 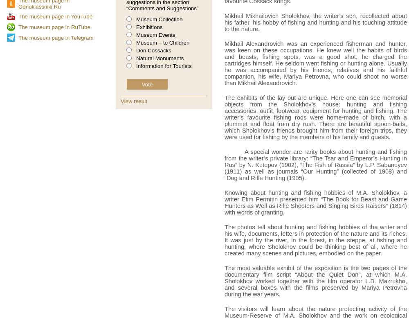 What do you see at coordinates (136, 50) in the screenshot?
I see `'Don Cossacks'` at bounding box center [136, 50].